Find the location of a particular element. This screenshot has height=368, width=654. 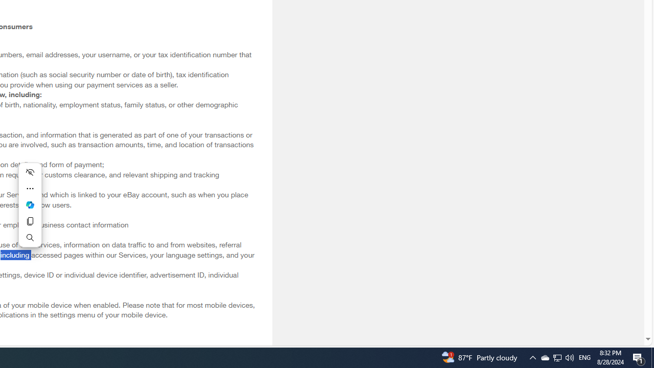

'More actions' is located at coordinates (30, 188).